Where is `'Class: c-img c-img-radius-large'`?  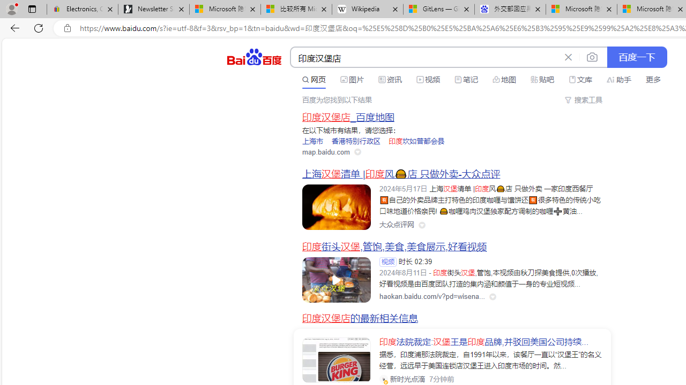 'Class: c-img c-img-radius-large' is located at coordinates (336, 360).